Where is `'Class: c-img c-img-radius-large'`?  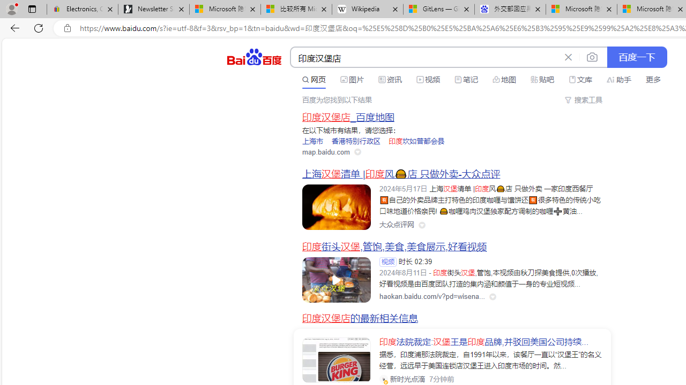 'Class: c-img c-img-radius-large' is located at coordinates (336, 360).